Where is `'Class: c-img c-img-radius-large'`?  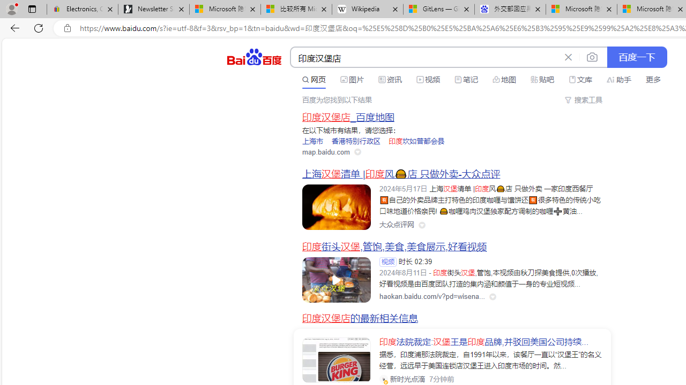 'Class: c-img c-img-radius-large' is located at coordinates (336, 360).